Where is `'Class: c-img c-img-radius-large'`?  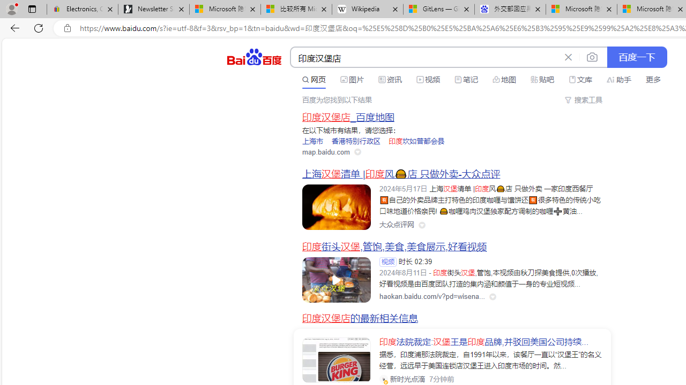 'Class: c-img c-img-radius-large' is located at coordinates (336, 360).